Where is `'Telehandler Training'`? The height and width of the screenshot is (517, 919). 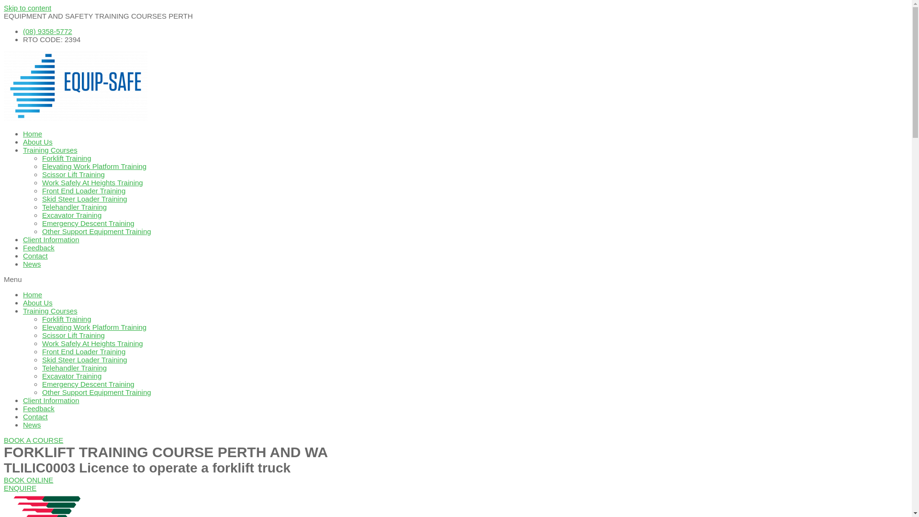
'Telehandler Training' is located at coordinates (74, 367).